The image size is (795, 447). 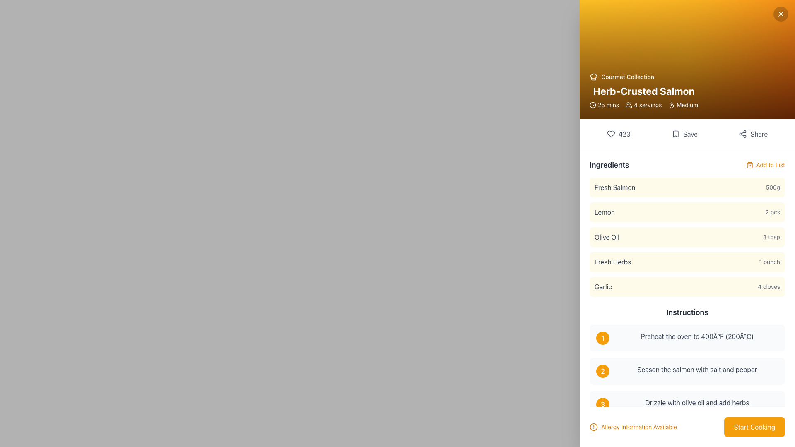 I want to click on the Text Label identifying 'Lemon' in the ingredient list, which is positioned below 'Fresh Salmon' and above 'Olive Oil', so click(x=605, y=212).